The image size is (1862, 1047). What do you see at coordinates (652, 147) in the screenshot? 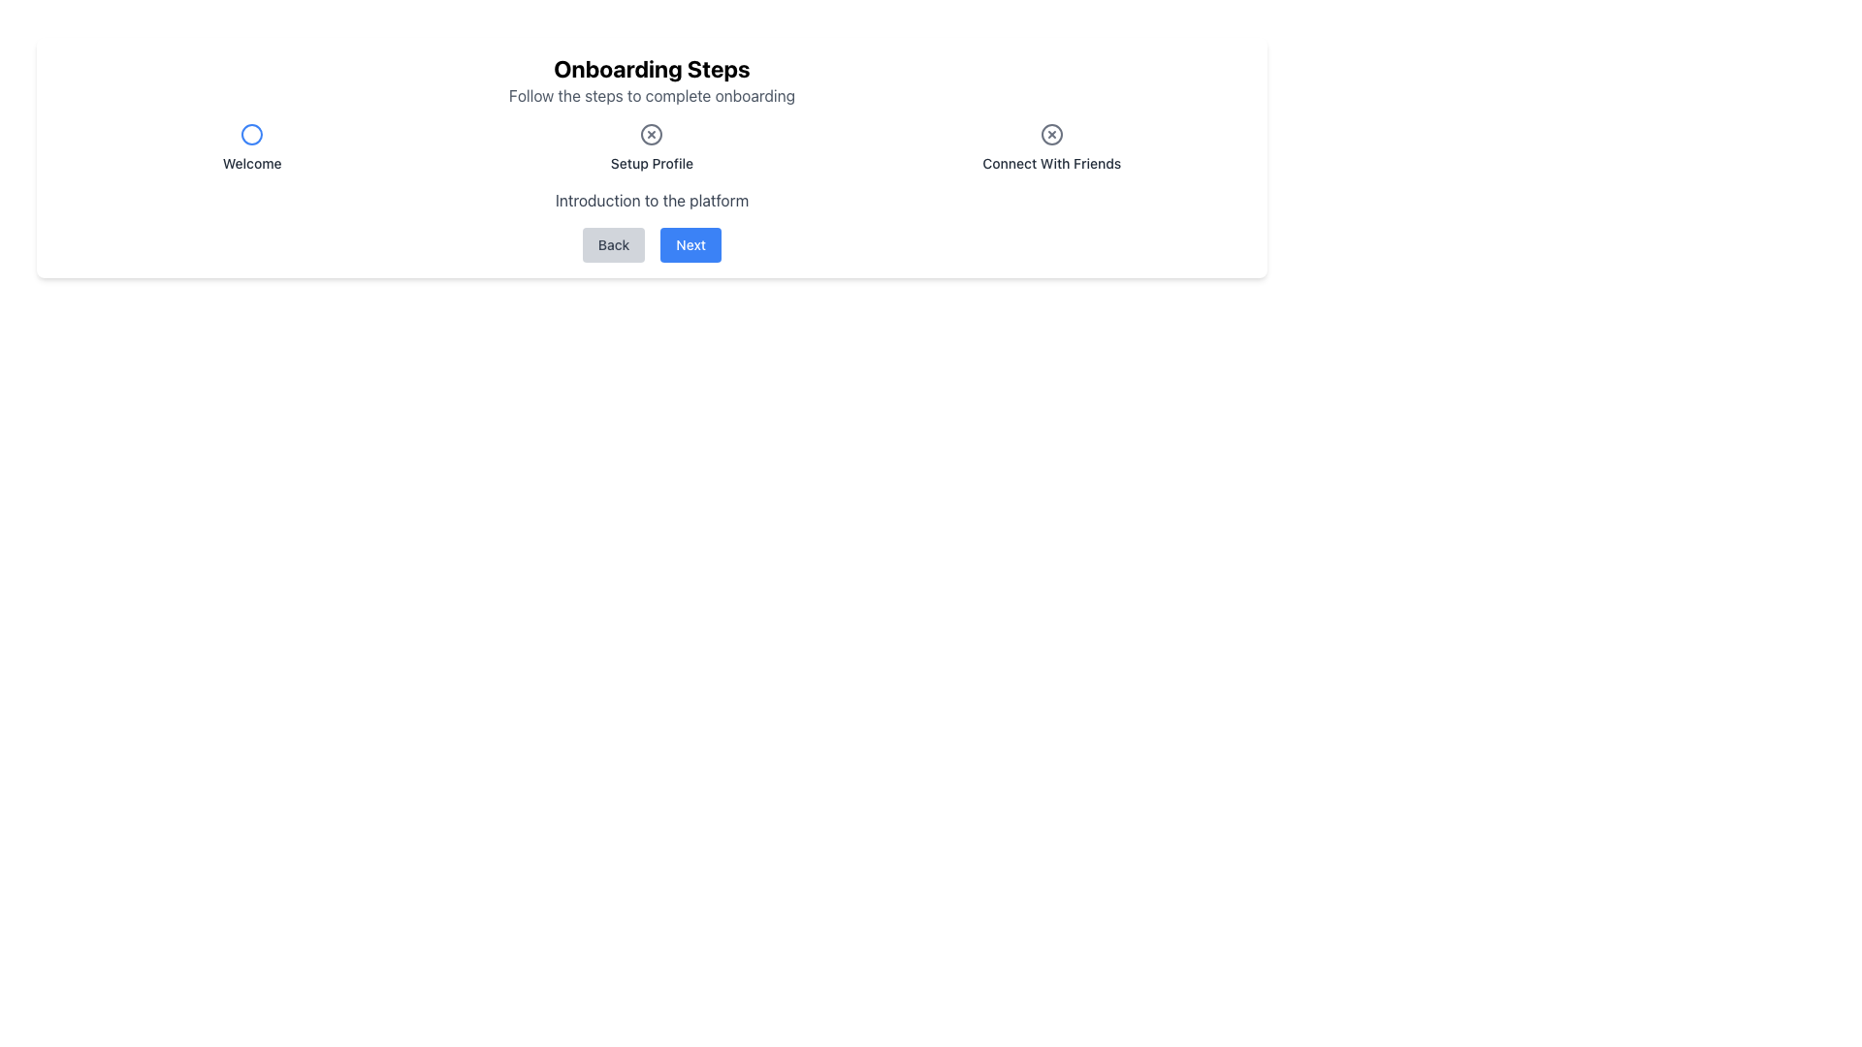
I see `the Step Indicator that shows the user's current progress in the onboarding process` at bounding box center [652, 147].